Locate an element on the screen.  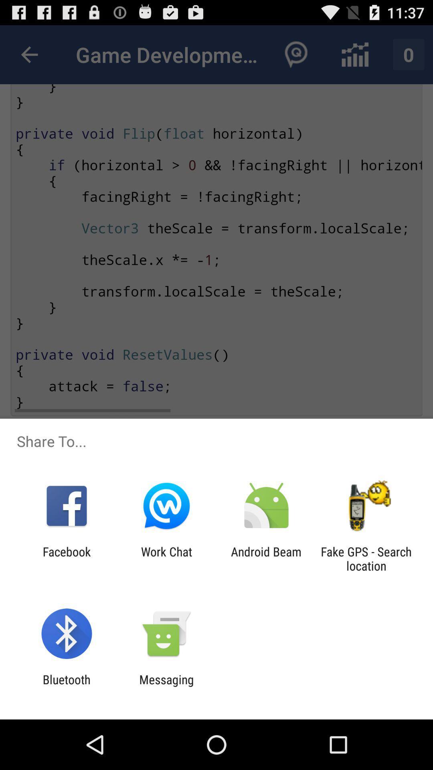
the messaging icon is located at coordinates (166, 686).